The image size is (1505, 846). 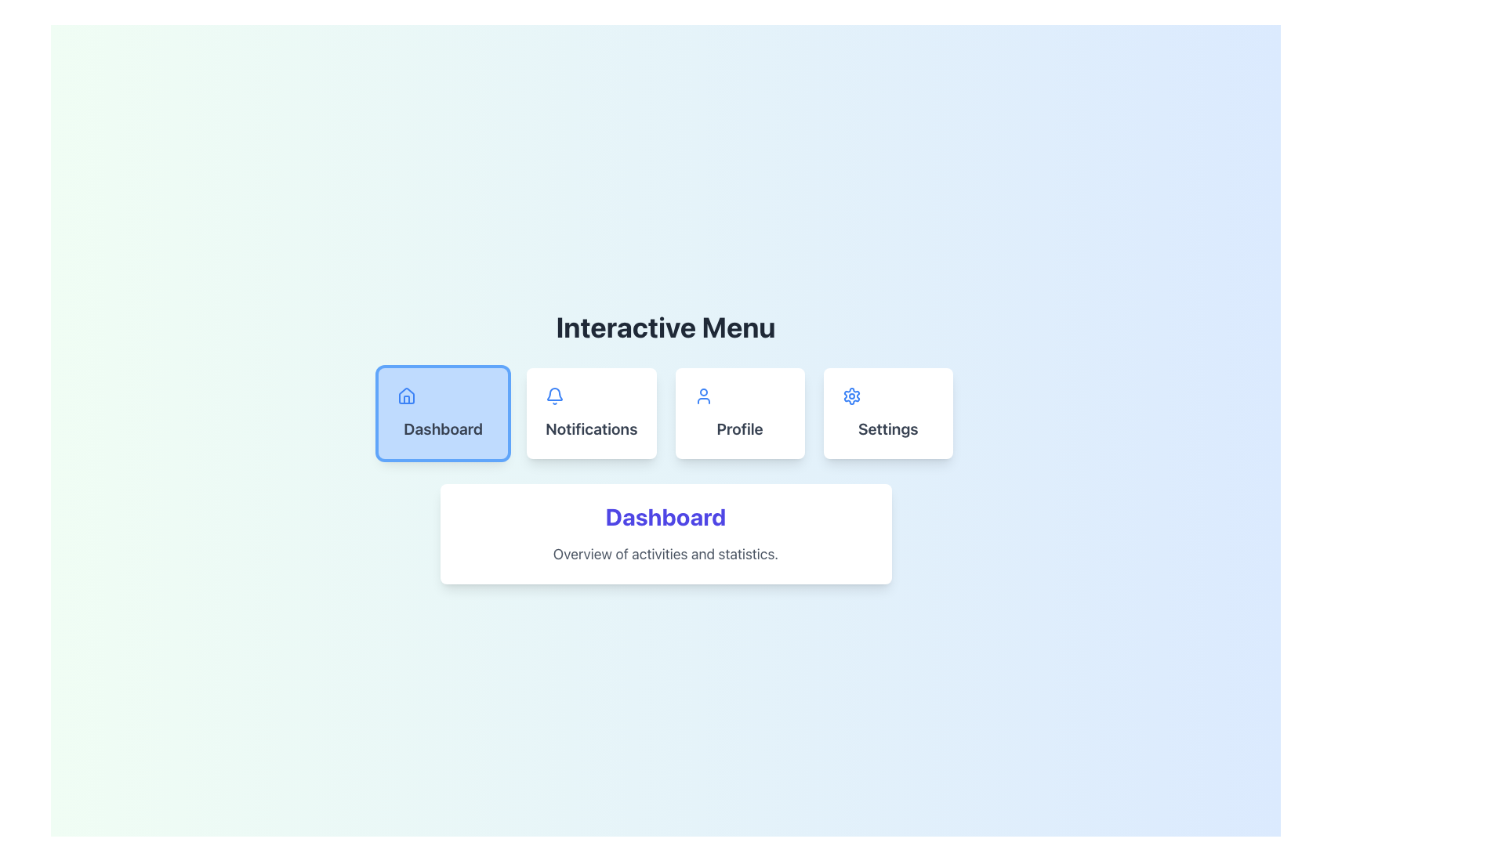 I want to click on the text label that describes the function of the 'Dashboard' option in the interactive menu, located in the first interactive card below the house-shaped icon, so click(x=442, y=428).